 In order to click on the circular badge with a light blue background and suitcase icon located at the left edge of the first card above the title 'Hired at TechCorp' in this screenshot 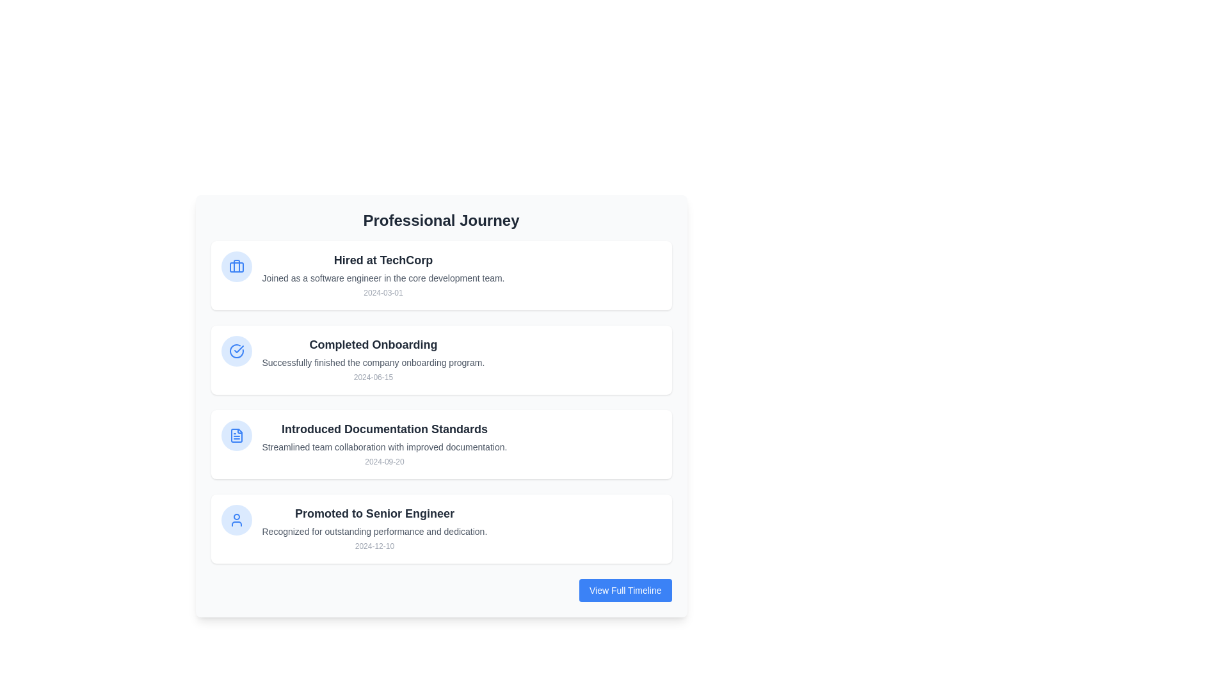, I will do `click(236, 266)`.